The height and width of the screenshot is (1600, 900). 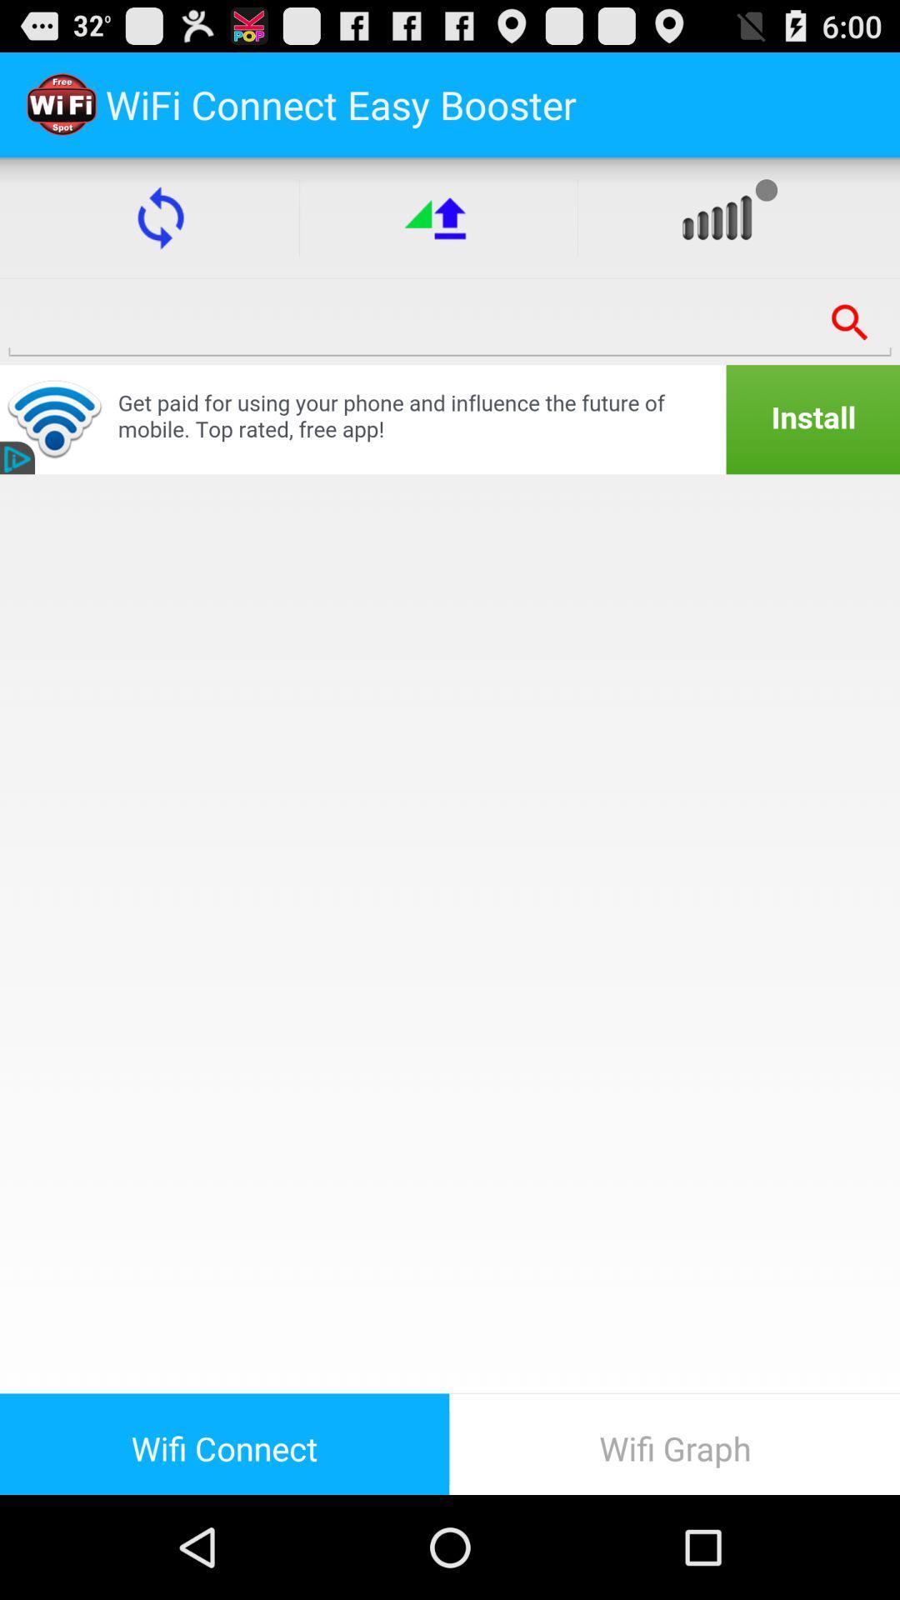 I want to click on the icon below wifi connect easy, so click(x=437, y=217).